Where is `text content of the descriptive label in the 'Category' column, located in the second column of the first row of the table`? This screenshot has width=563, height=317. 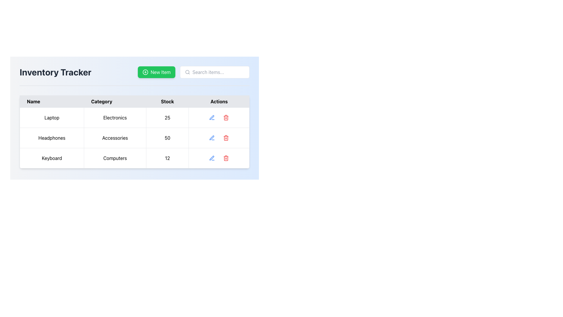
text content of the descriptive label in the 'Category' column, located in the second column of the first row of the table is located at coordinates (115, 118).